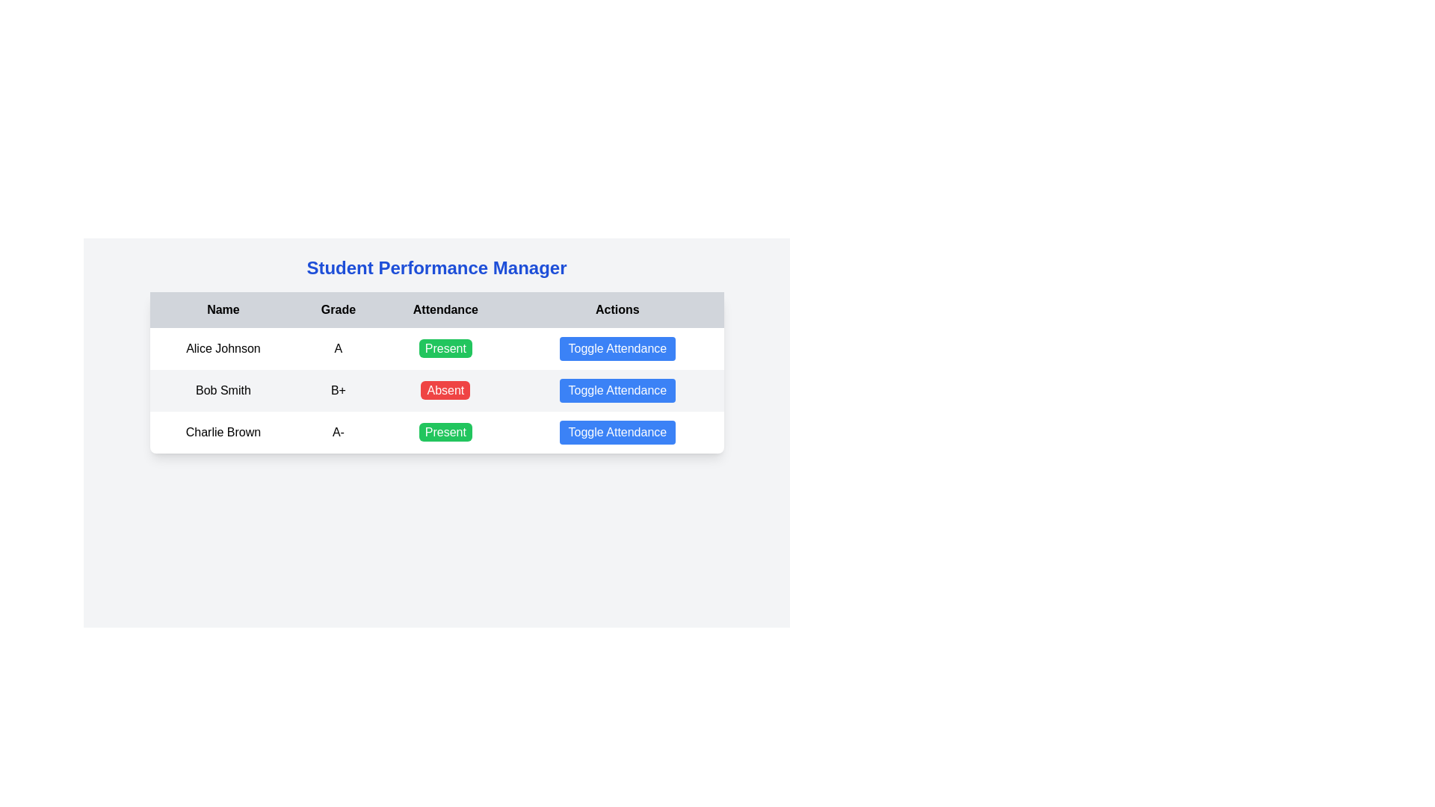 Image resolution: width=1435 pixels, height=807 pixels. What do you see at coordinates (222, 390) in the screenshot?
I see `the static text label displaying the name 'Bob Smith' located in the first column of the second row of the table` at bounding box center [222, 390].